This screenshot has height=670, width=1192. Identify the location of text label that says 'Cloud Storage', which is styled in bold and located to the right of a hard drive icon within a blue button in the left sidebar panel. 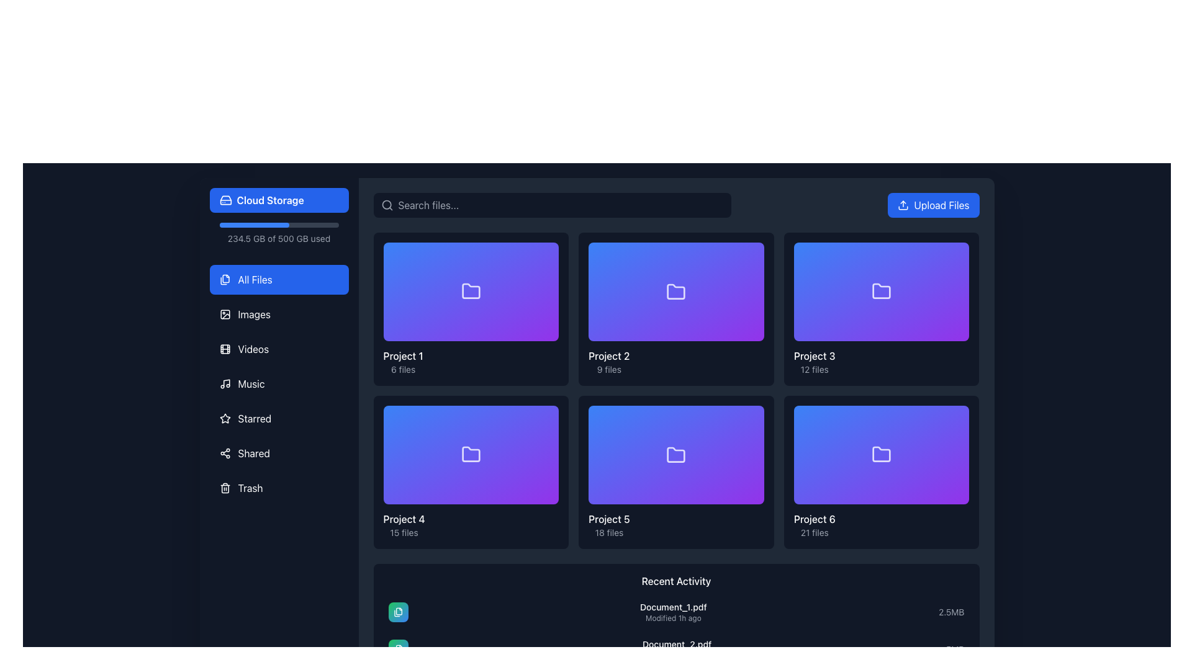
(269, 200).